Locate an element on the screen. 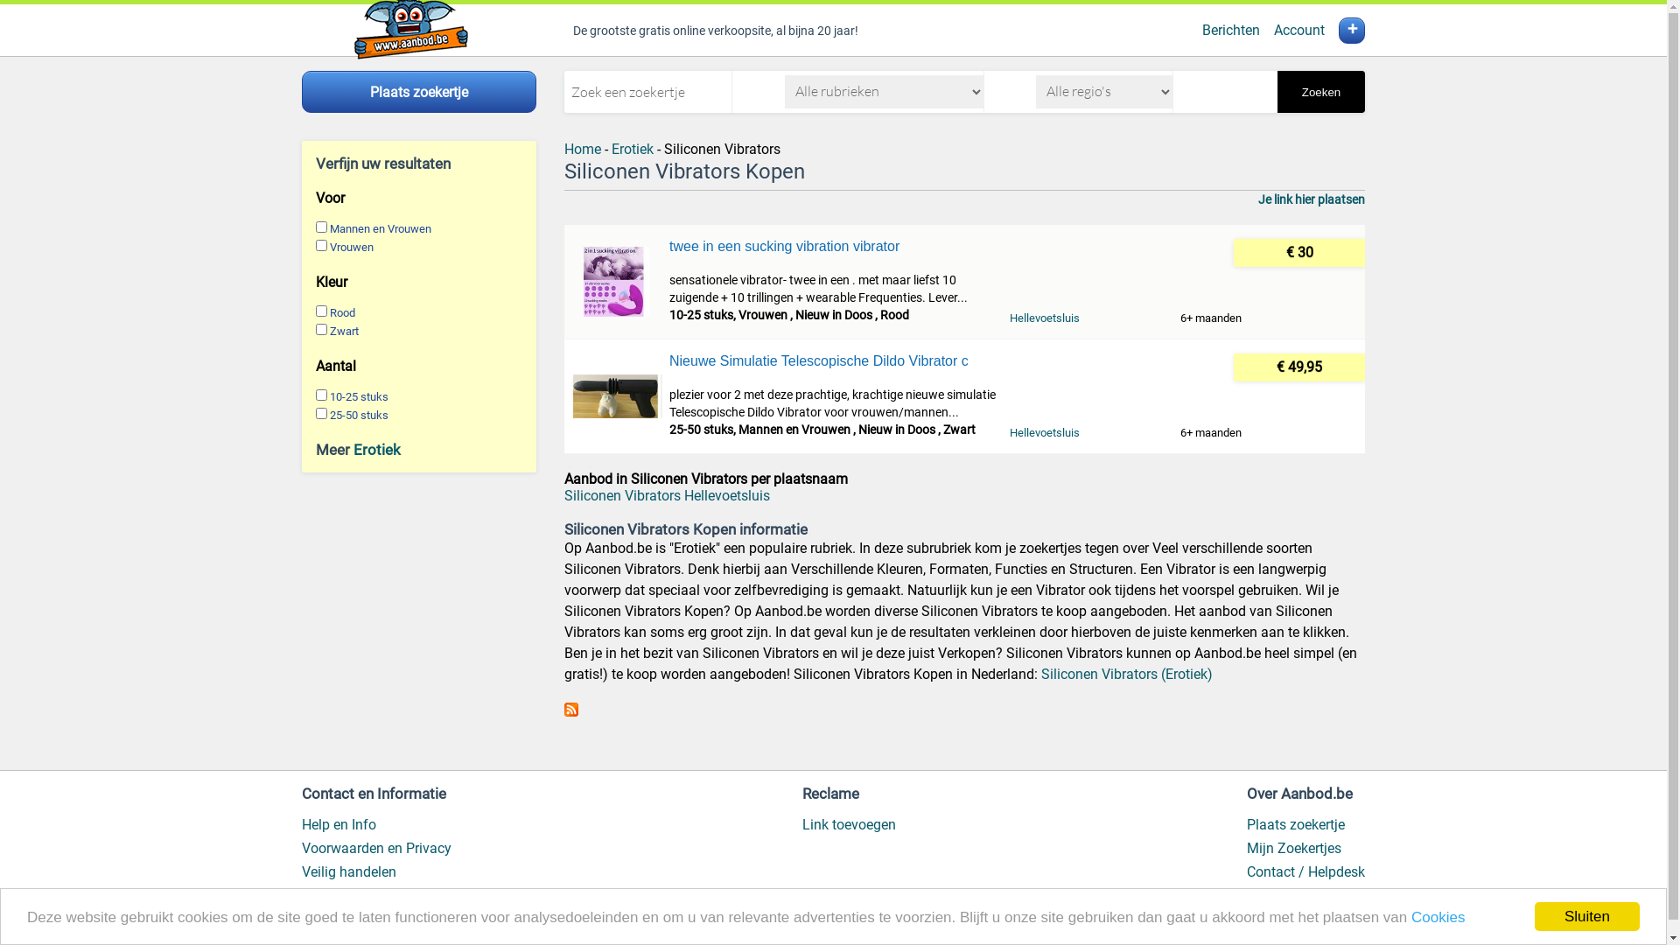 Image resolution: width=1680 pixels, height=945 pixels. 'Sluiten' is located at coordinates (1587, 915).